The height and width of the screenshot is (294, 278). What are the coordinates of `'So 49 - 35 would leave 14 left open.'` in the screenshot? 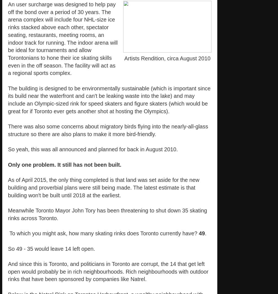 It's located at (8, 249).